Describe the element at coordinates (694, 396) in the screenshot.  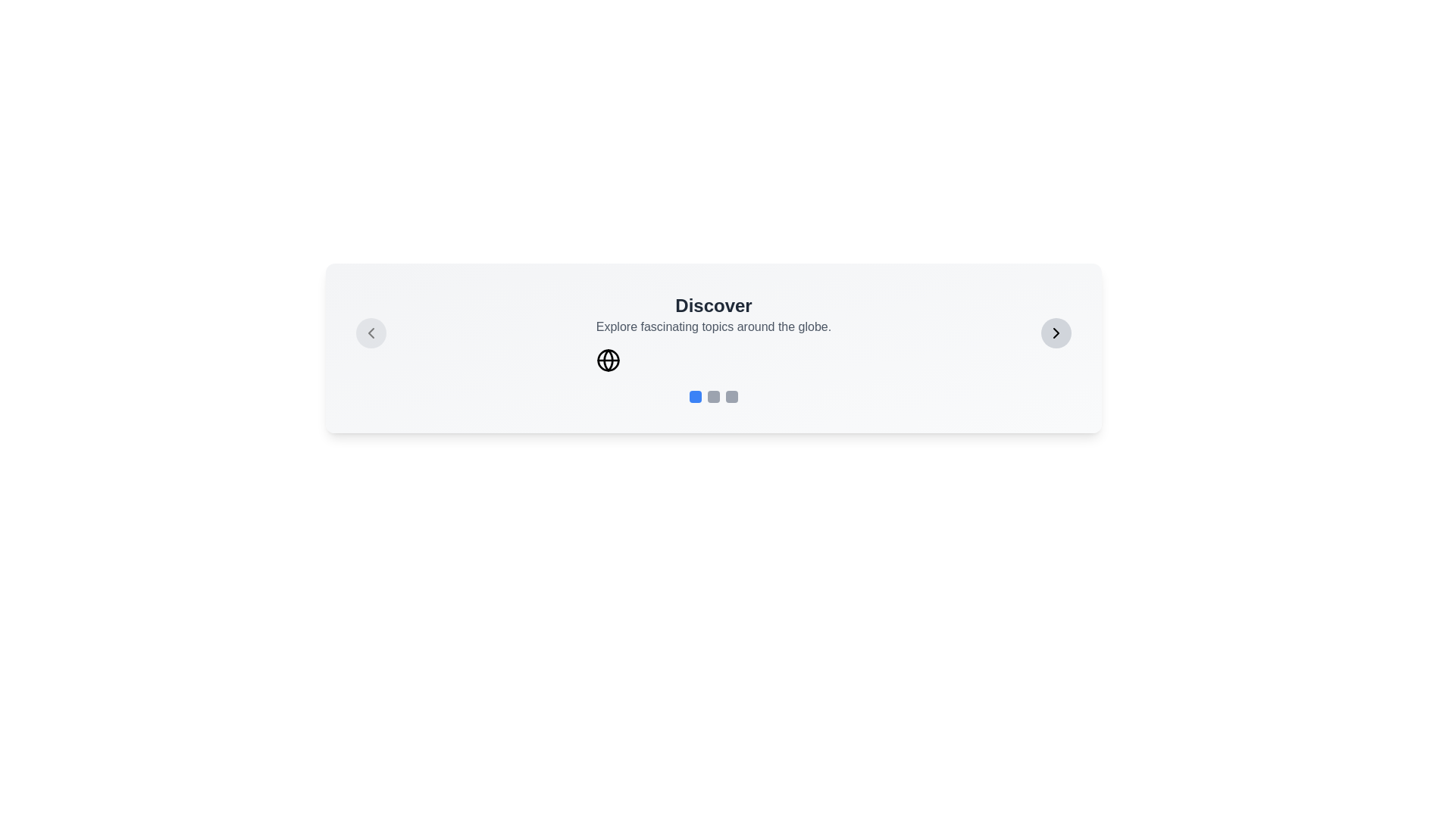
I see `the leftmost circular indicator that visually denotes a specific state or active position within a selection, located below the text content in the center of the interface` at that location.